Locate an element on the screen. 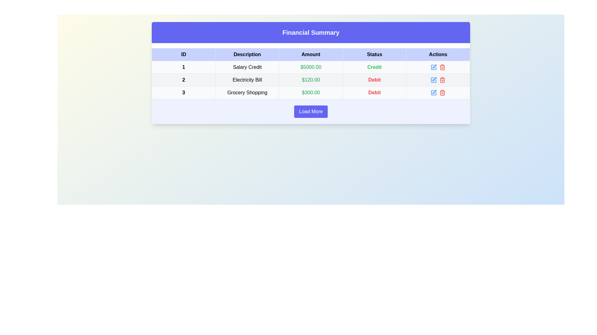  the 'ID' column header in the table, which is the first header from left to right, indicating unique identifiers for the data below is located at coordinates (183, 54).